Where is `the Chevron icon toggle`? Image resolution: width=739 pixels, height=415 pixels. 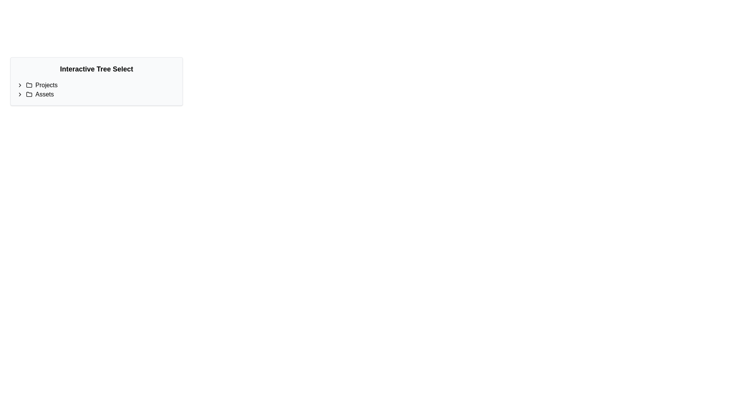
the Chevron icon toggle is located at coordinates (20, 85).